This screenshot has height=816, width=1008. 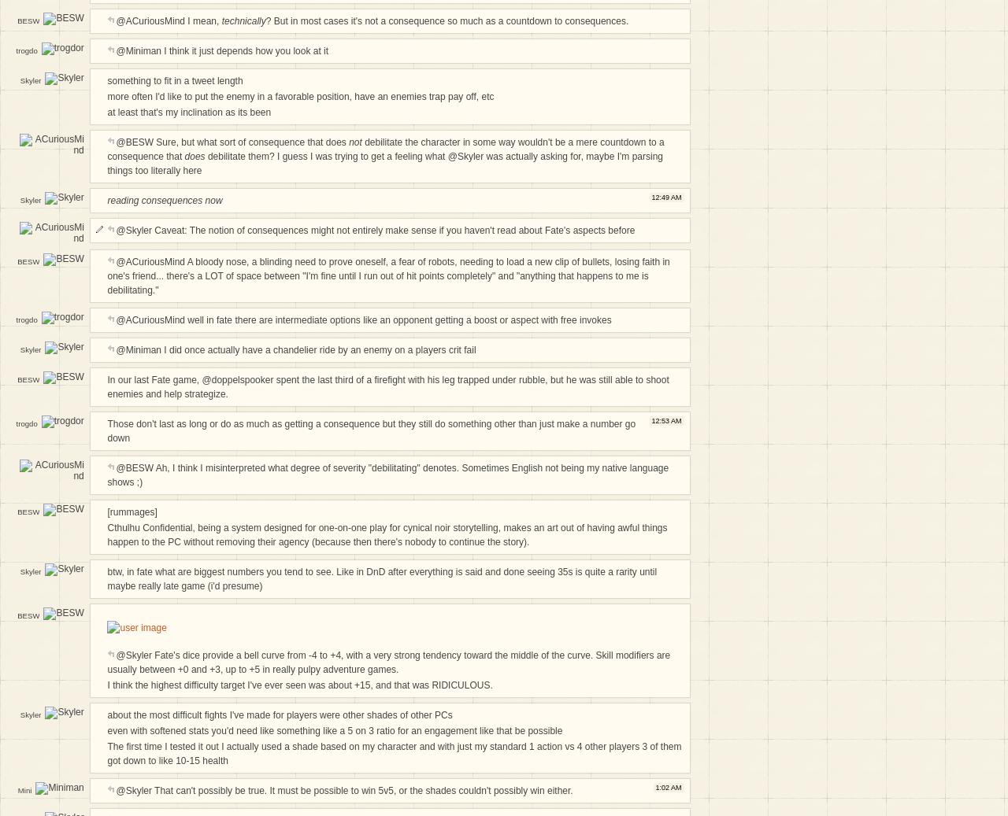 What do you see at coordinates (354, 141) in the screenshot?
I see `'not'` at bounding box center [354, 141].